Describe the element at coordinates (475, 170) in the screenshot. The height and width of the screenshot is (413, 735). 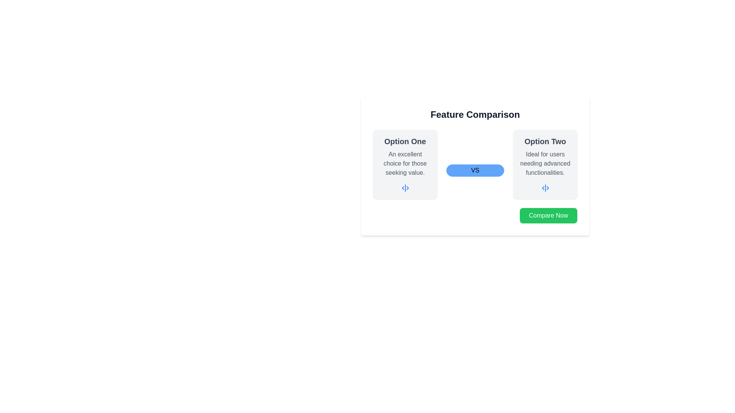
I see `the blue rounded rectangle label containing the text 'VS', which is located near the center of the layout between 'Option One' and 'Option Two', directly below the heading 'Feature Comparison'` at that location.